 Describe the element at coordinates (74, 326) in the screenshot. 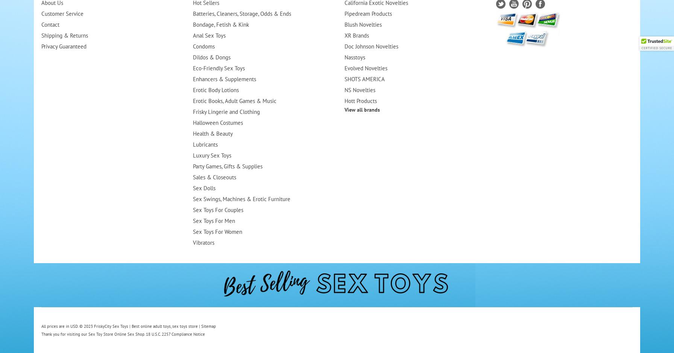

I see `'USD'` at that location.